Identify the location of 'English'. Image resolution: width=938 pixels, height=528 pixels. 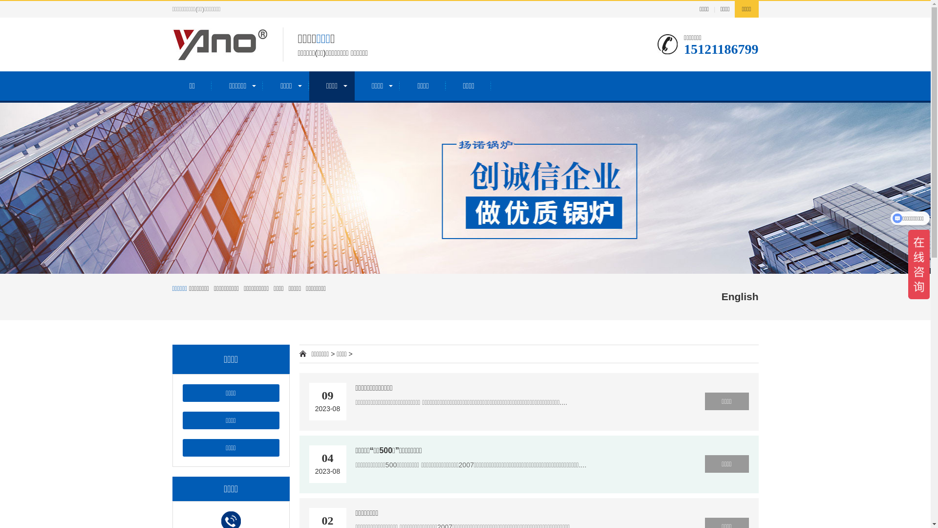
(740, 296).